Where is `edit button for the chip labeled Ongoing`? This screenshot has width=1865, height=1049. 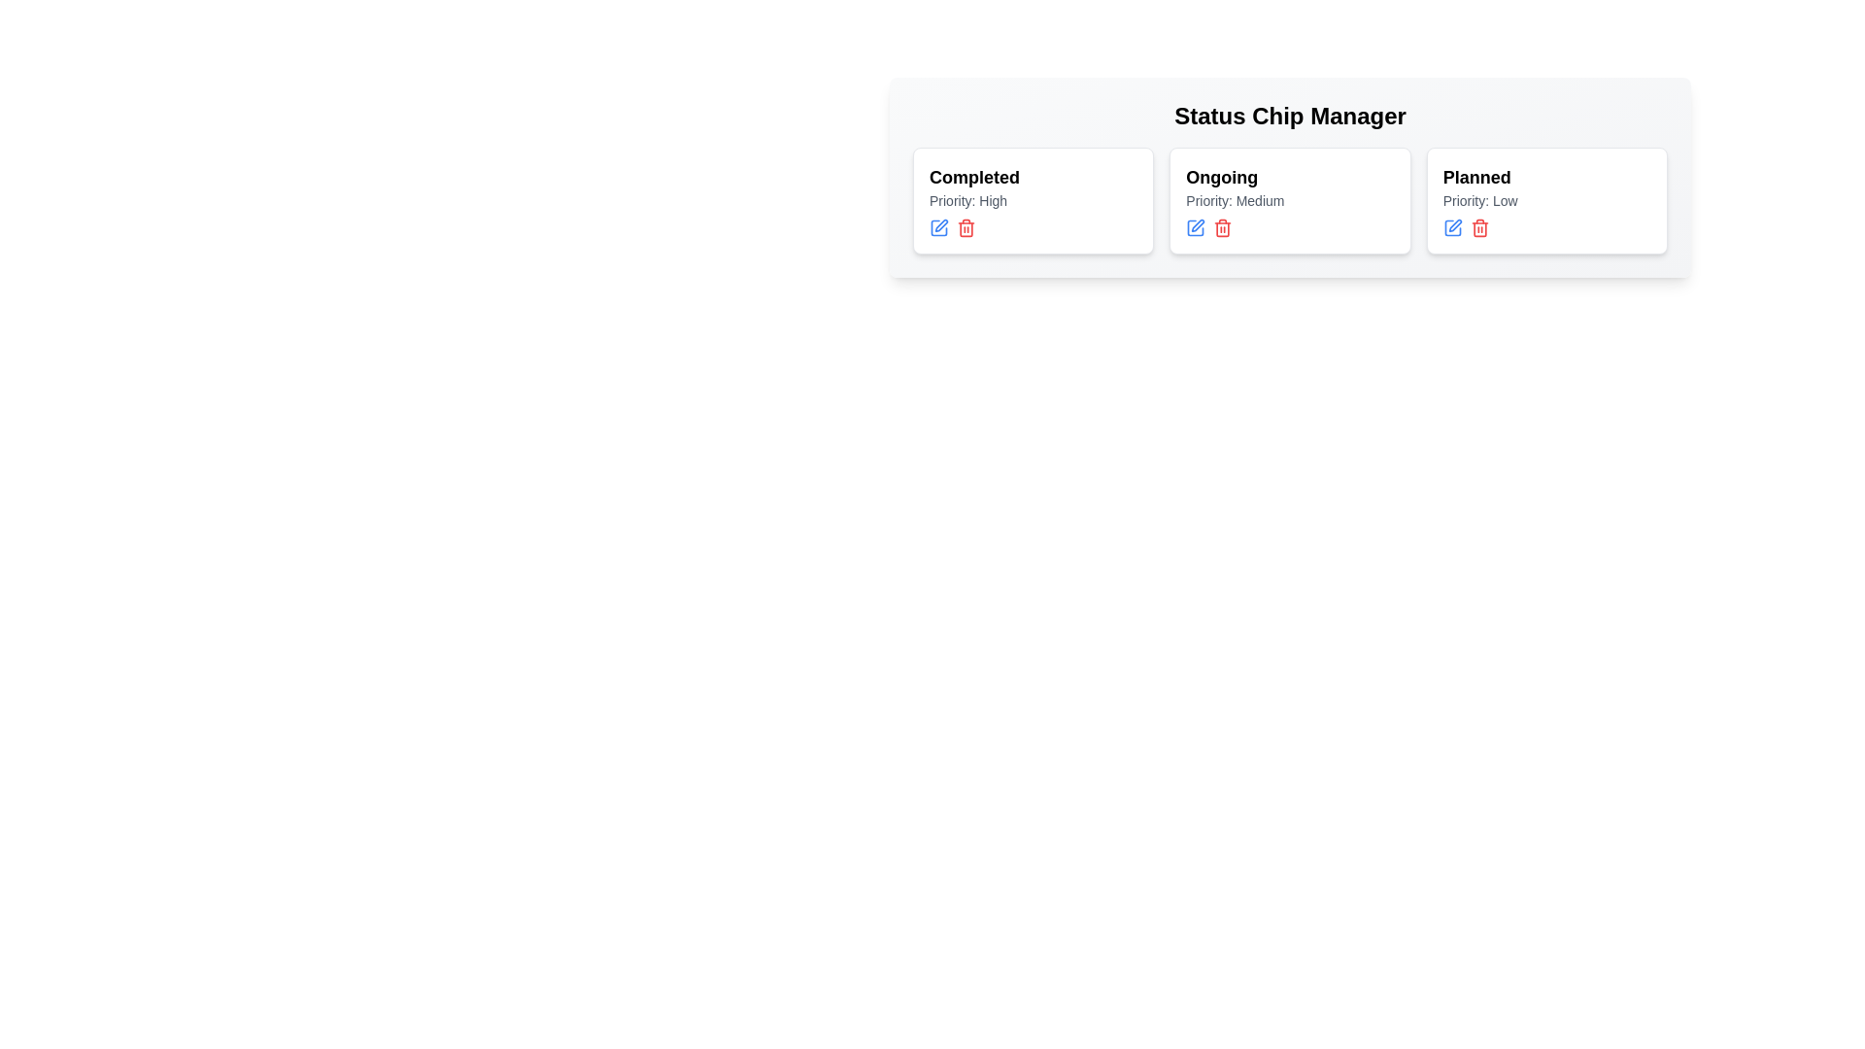 edit button for the chip labeled Ongoing is located at coordinates (1194, 227).